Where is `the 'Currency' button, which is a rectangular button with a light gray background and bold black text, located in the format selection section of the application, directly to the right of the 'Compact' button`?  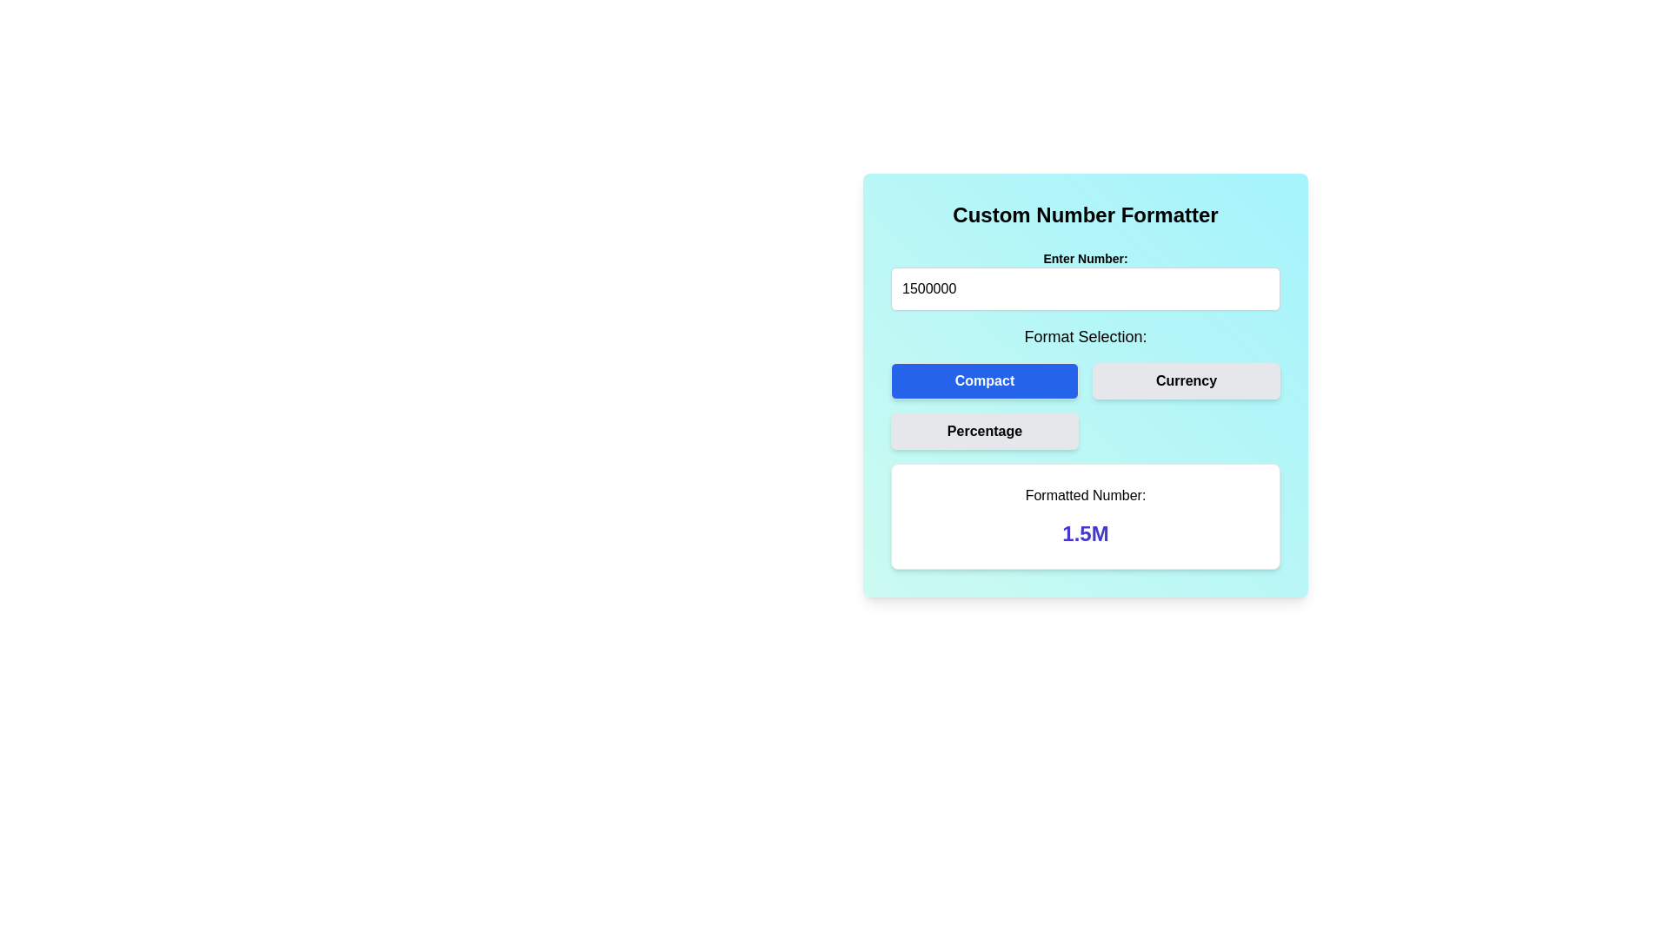
the 'Currency' button, which is a rectangular button with a light gray background and bold black text, located in the format selection section of the application, directly to the right of the 'Compact' button is located at coordinates (1185, 380).